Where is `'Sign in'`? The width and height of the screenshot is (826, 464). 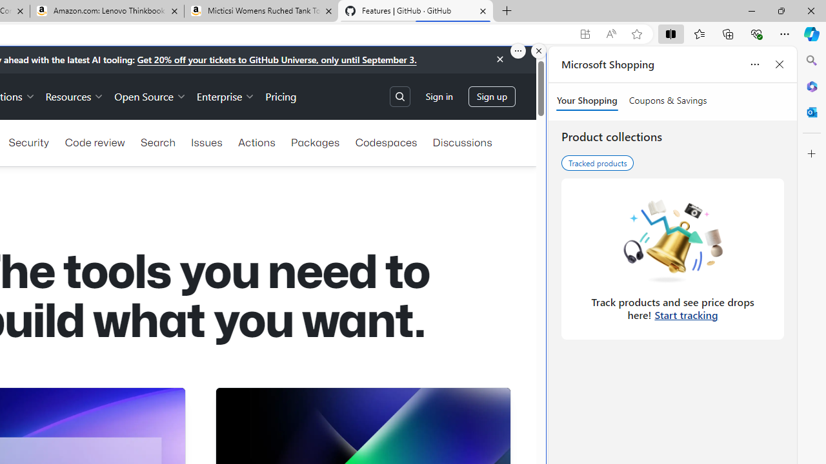
'Sign in' is located at coordinates (439, 95).